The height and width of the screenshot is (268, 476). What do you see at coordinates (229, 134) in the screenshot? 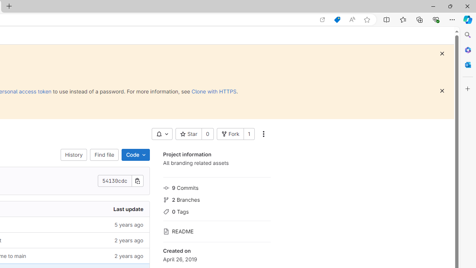
I see `'Fork'` at bounding box center [229, 134].